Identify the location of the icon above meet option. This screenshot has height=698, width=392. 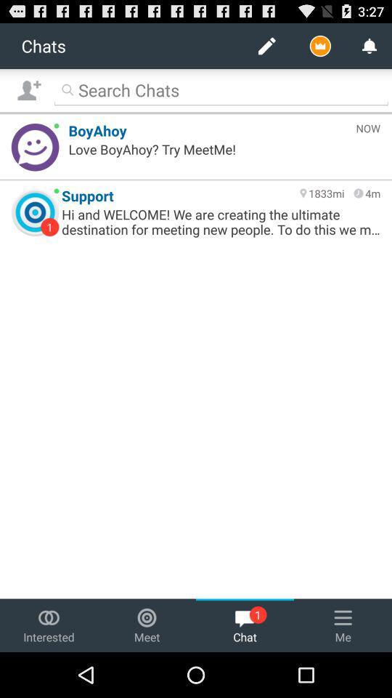
(147, 617).